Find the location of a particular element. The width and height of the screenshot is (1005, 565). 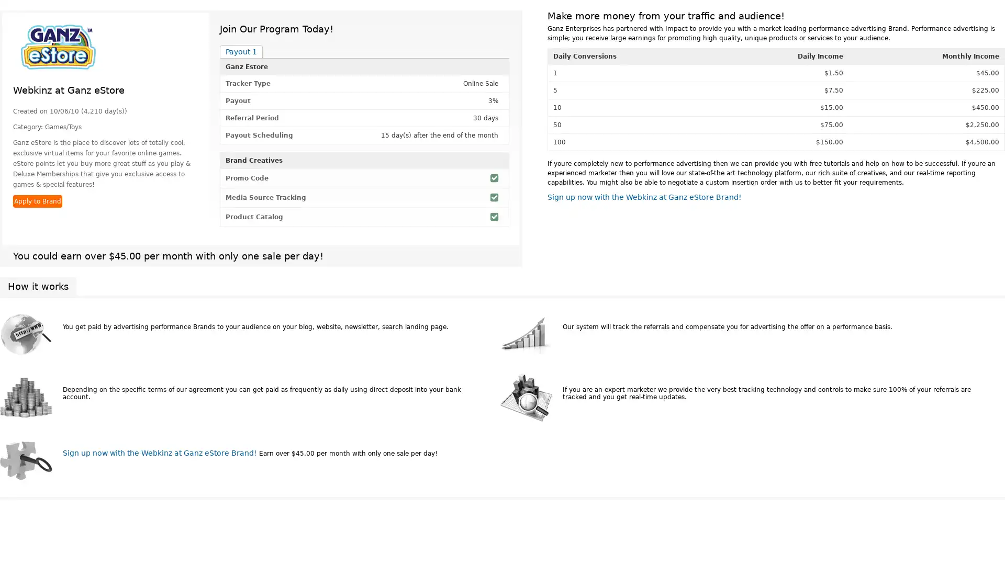

Apply to Brand is located at coordinates (38, 201).